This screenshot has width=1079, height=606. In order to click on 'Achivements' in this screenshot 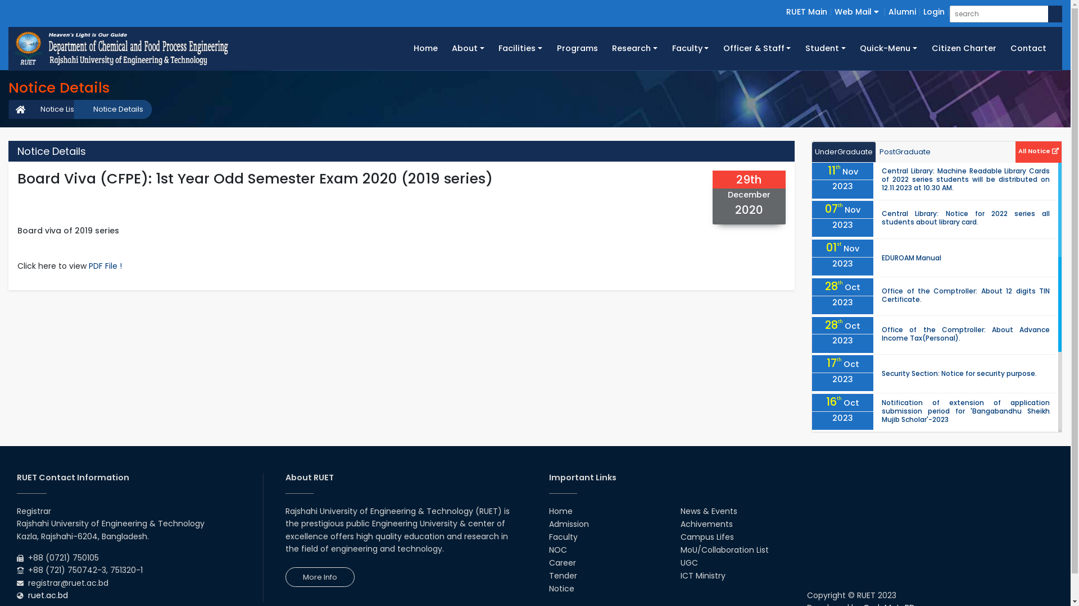, I will do `click(706, 524)`.